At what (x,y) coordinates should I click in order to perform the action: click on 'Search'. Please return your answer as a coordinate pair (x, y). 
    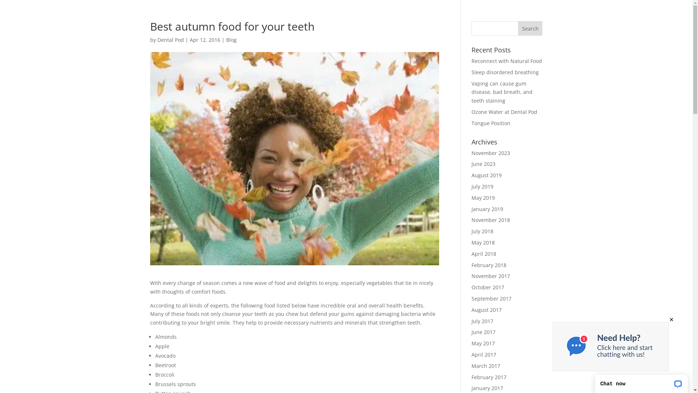
    Looking at the image, I should click on (518, 28).